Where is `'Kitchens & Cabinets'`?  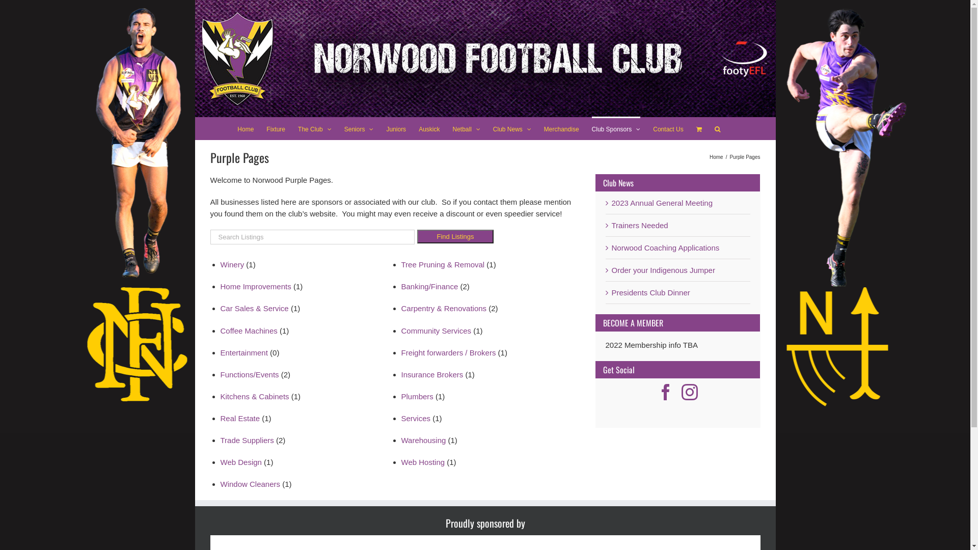 'Kitchens & Cabinets' is located at coordinates (254, 396).